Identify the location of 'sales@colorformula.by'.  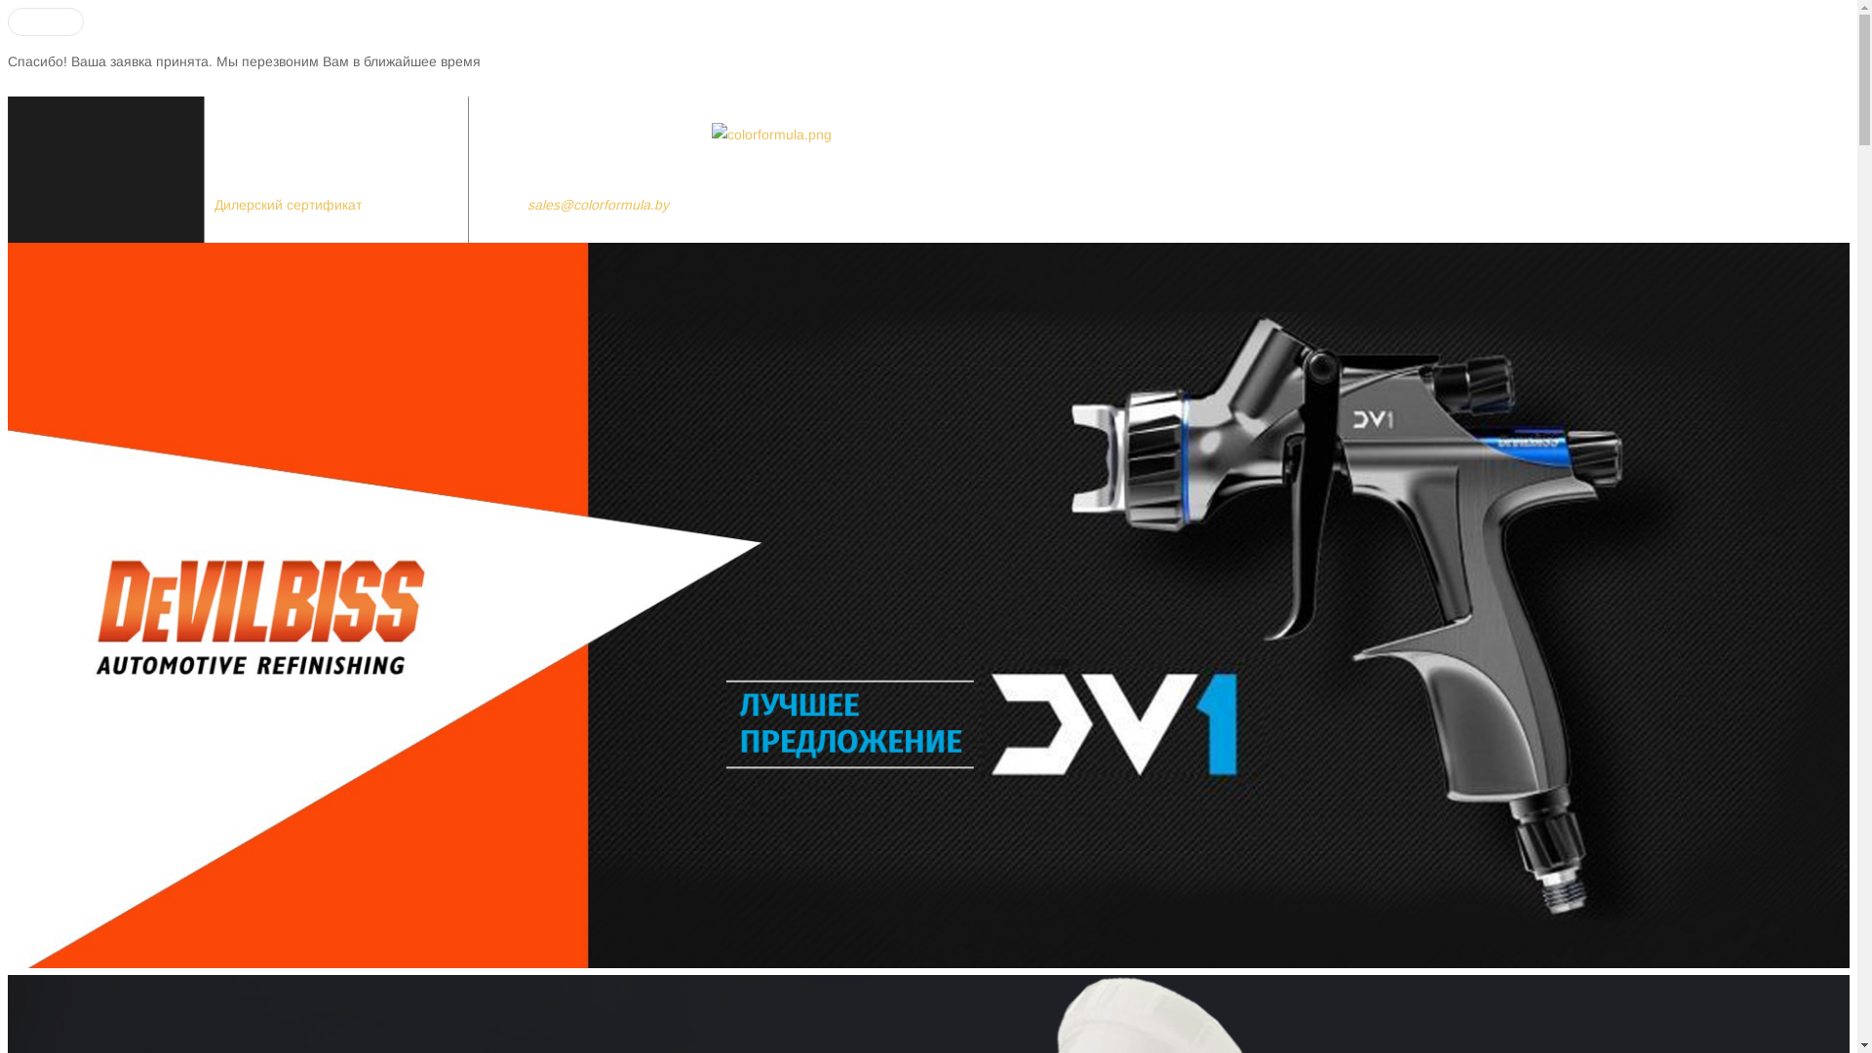
(597, 204).